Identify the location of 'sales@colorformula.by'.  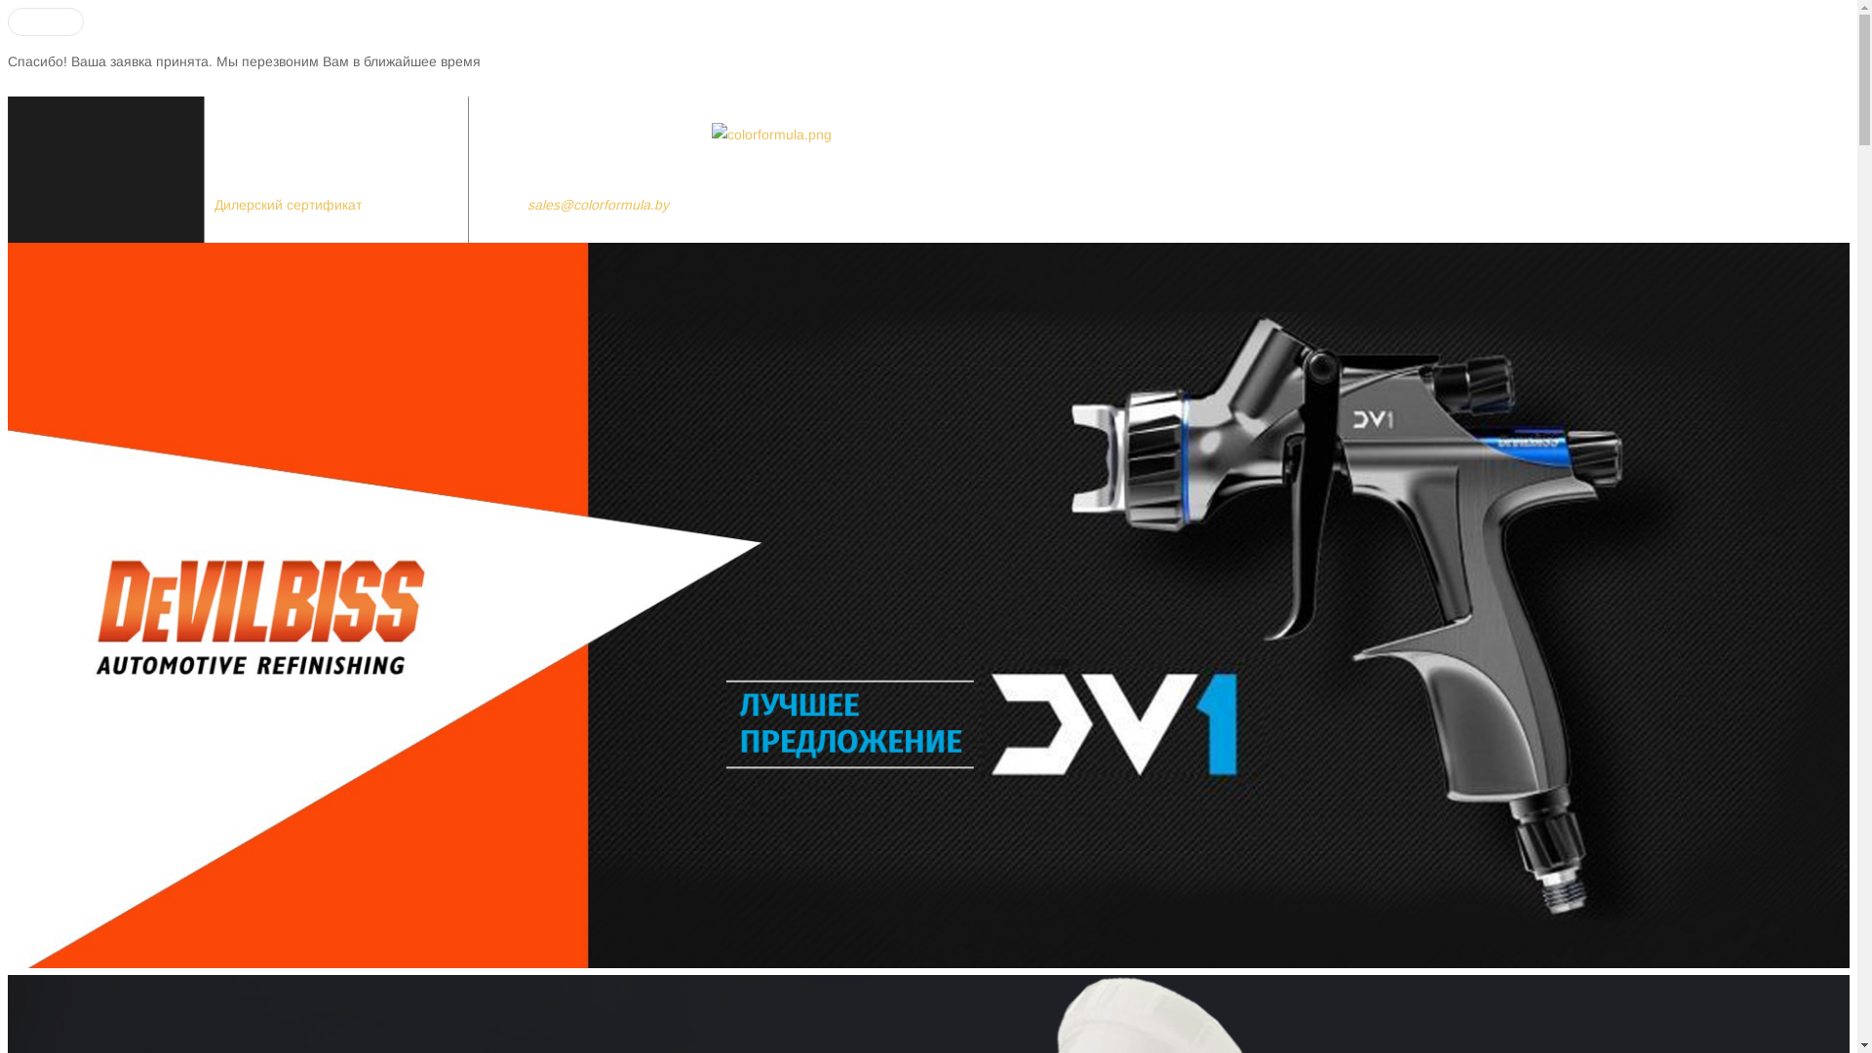
(597, 204).